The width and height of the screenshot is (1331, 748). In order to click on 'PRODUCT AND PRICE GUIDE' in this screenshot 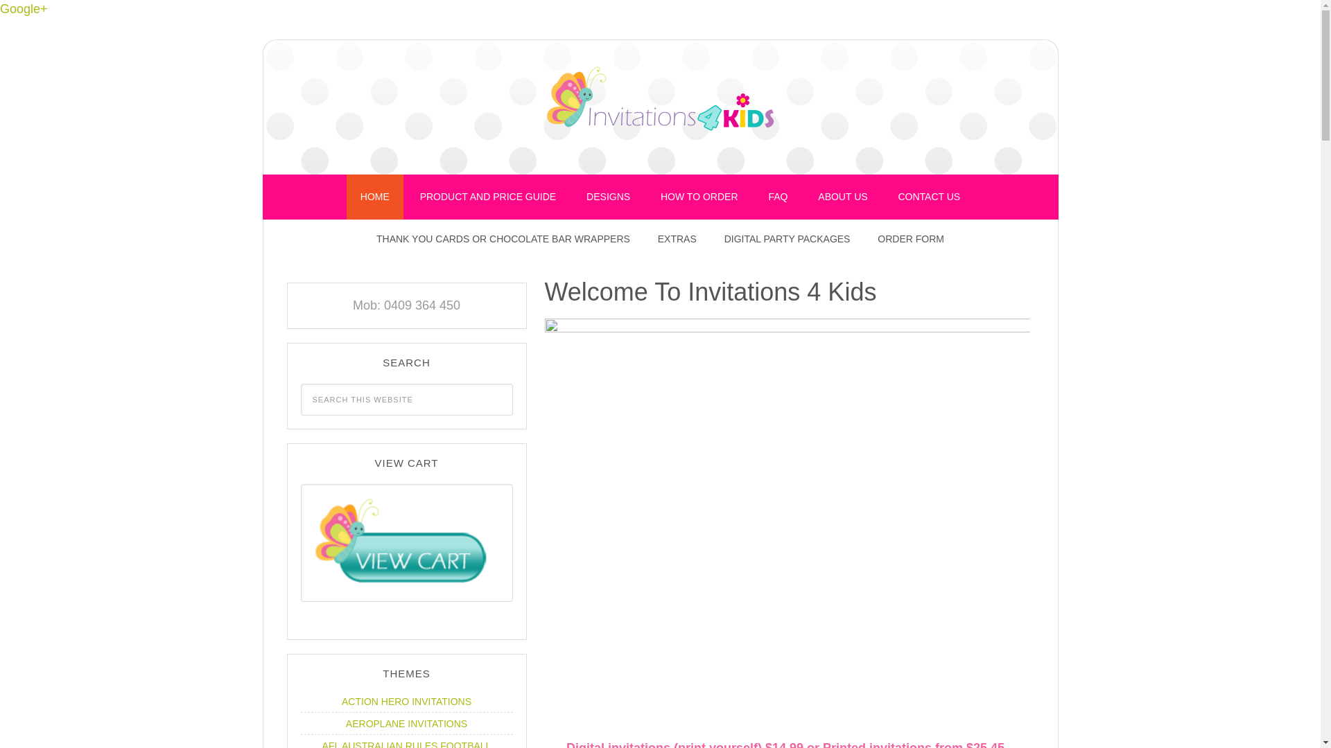, I will do `click(488, 197)`.